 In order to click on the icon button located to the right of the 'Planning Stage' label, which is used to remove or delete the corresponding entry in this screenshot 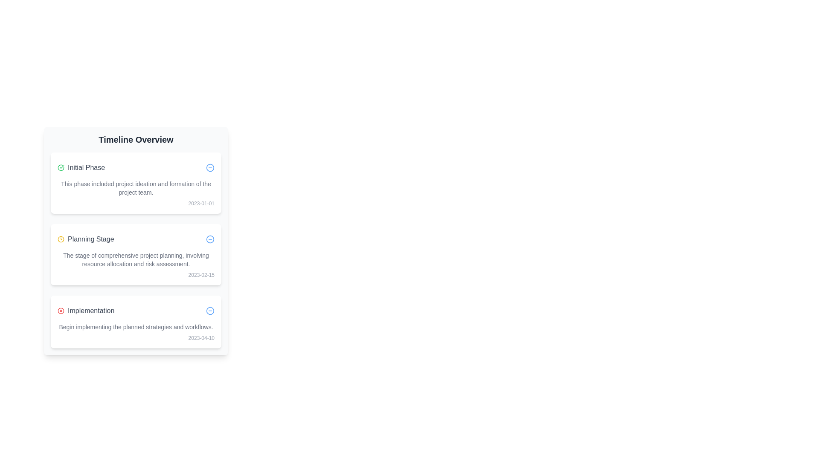, I will do `click(210, 239)`.